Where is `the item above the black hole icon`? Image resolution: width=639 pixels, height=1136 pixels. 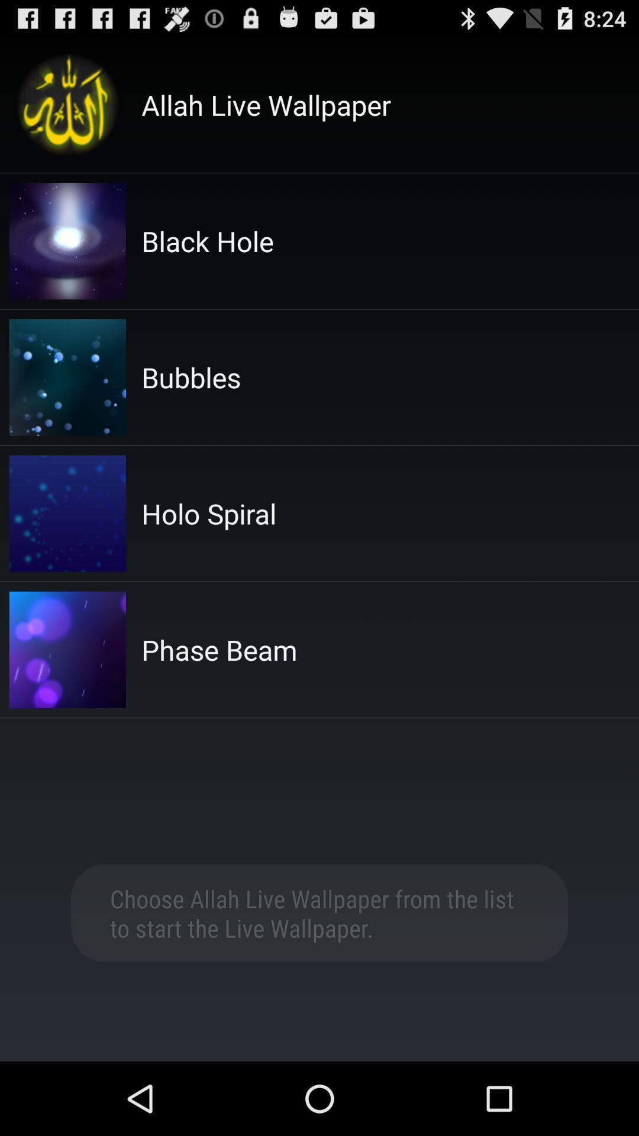 the item above the black hole icon is located at coordinates (266, 105).